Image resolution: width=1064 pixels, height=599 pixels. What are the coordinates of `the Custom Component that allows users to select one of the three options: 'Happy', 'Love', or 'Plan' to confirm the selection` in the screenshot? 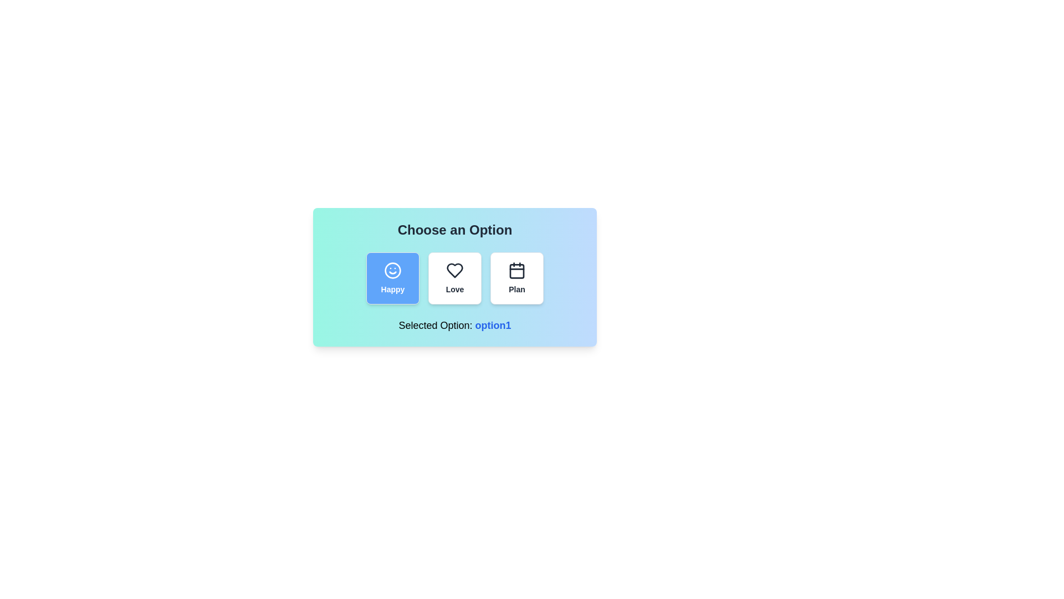 It's located at (454, 277).